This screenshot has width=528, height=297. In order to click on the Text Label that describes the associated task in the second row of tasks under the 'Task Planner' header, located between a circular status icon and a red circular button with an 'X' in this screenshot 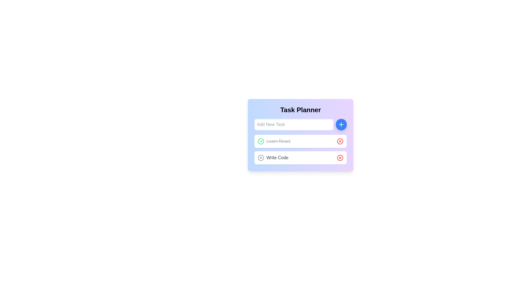, I will do `click(277, 158)`.